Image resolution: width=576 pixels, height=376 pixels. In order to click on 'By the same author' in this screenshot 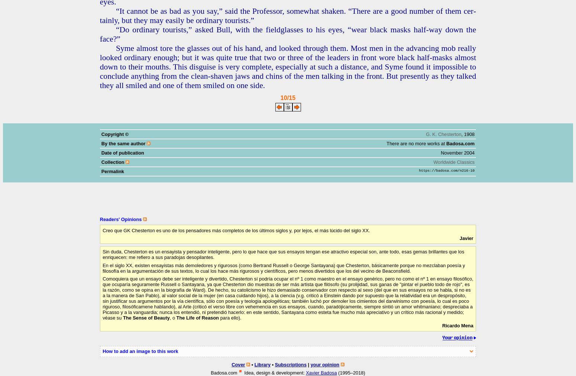, I will do `click(123, 143)`.